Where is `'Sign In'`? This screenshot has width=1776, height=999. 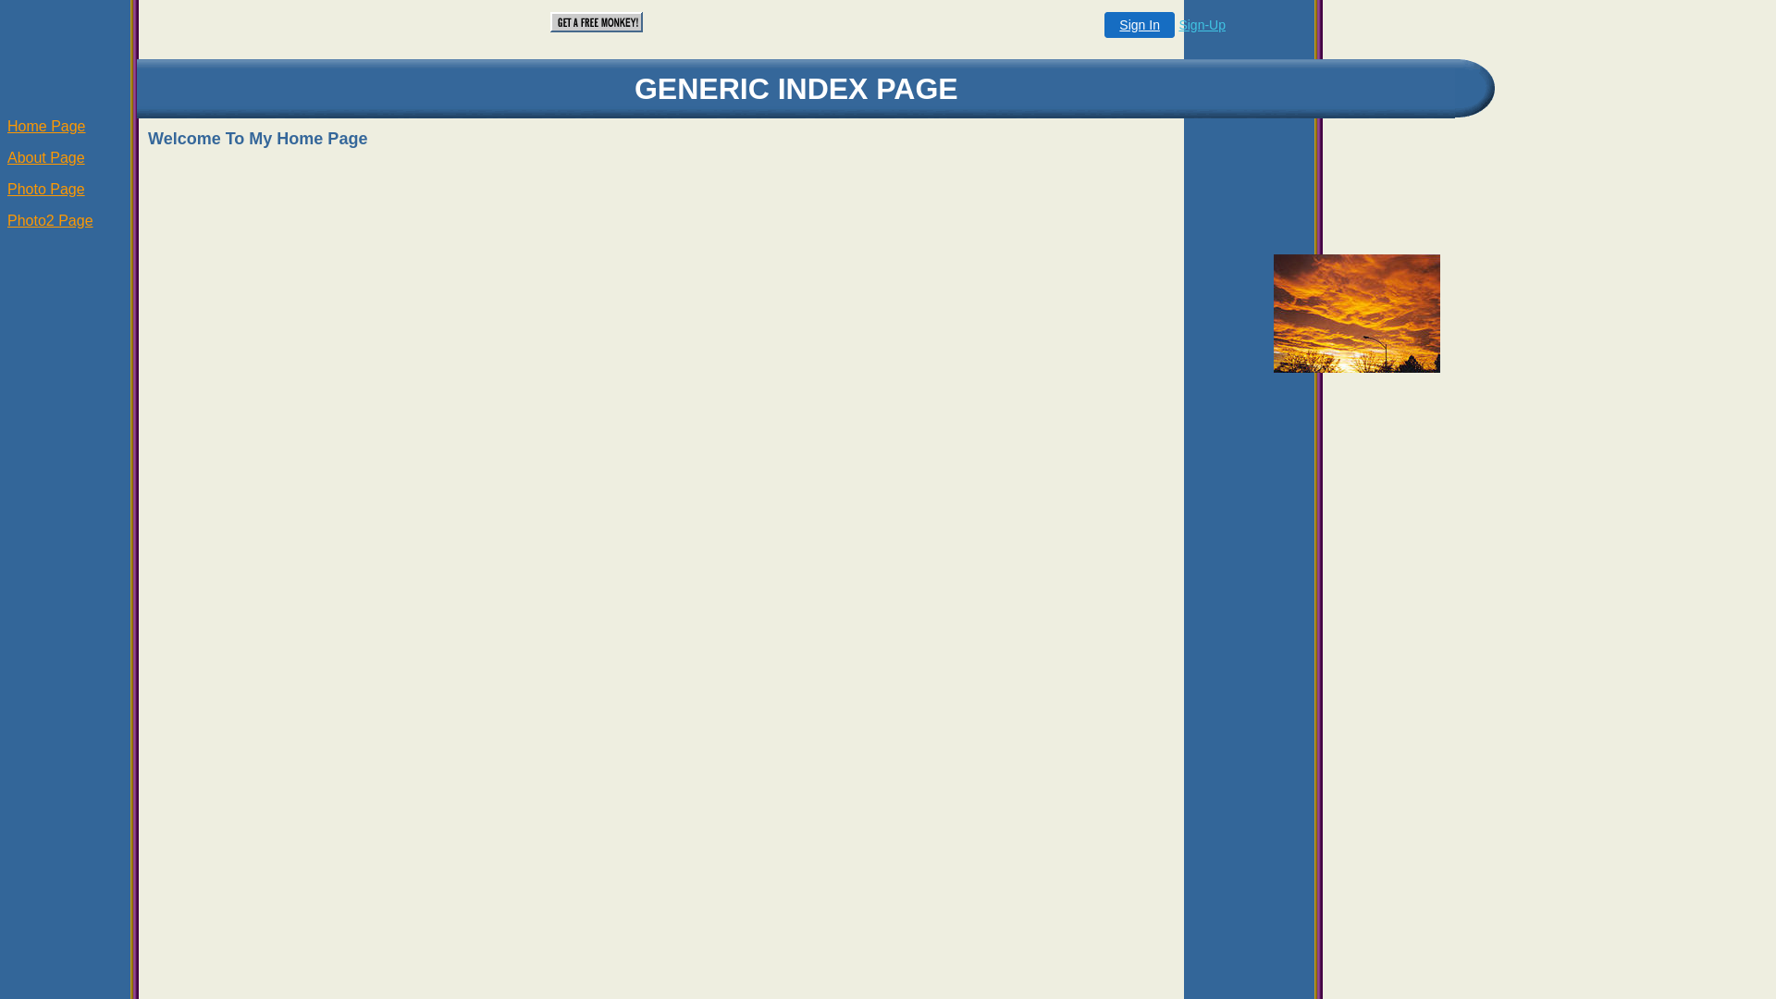 'Sign In' is located at coordinates (1139, 25).